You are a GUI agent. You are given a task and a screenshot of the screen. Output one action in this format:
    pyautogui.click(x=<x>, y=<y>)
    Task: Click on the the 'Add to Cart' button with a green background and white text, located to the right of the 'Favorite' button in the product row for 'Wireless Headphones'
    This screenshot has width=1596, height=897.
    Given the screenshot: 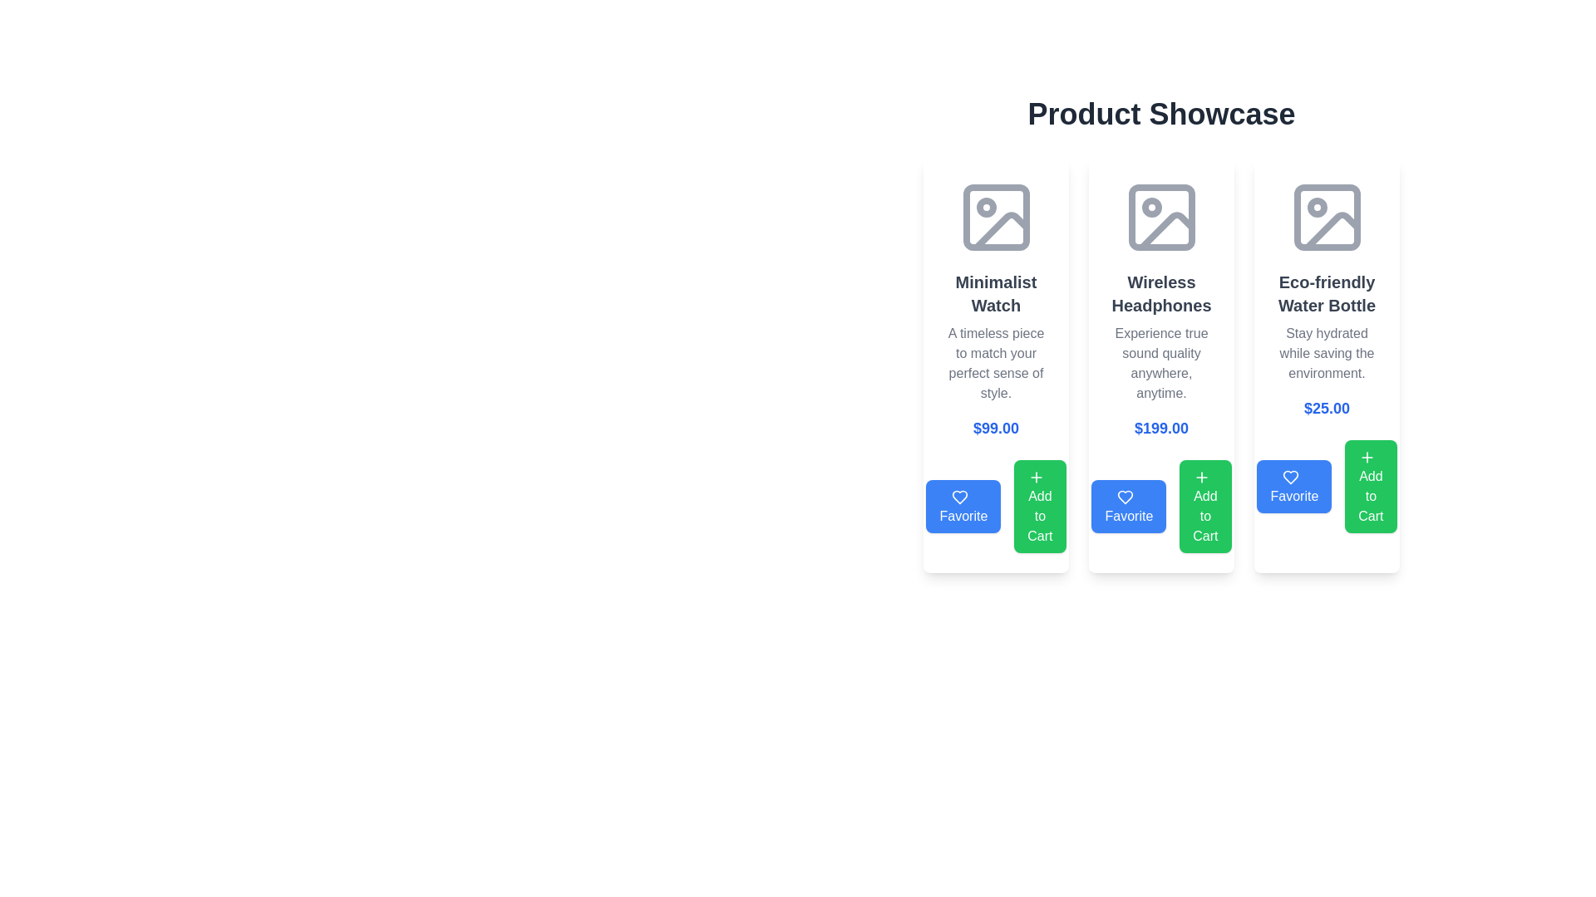 What is the action you would take?
    pyautogui.click(x=1205, y=505)
    